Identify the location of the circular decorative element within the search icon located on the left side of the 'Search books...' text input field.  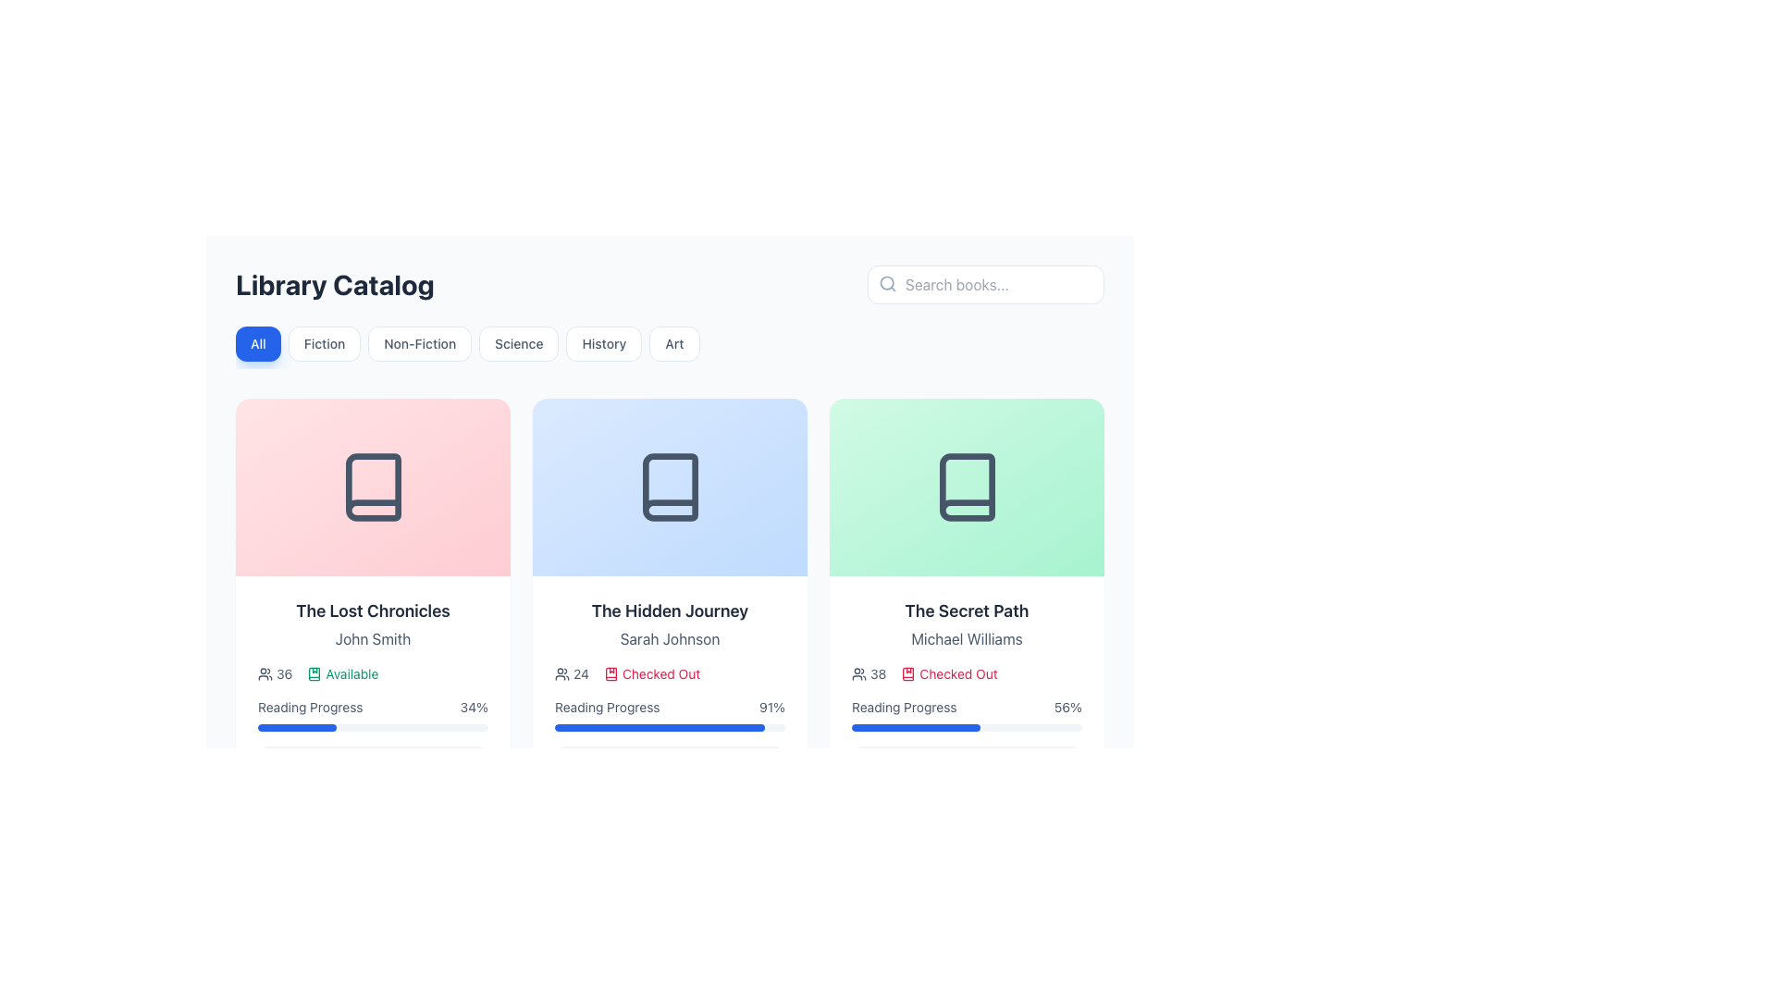
(886, 283).